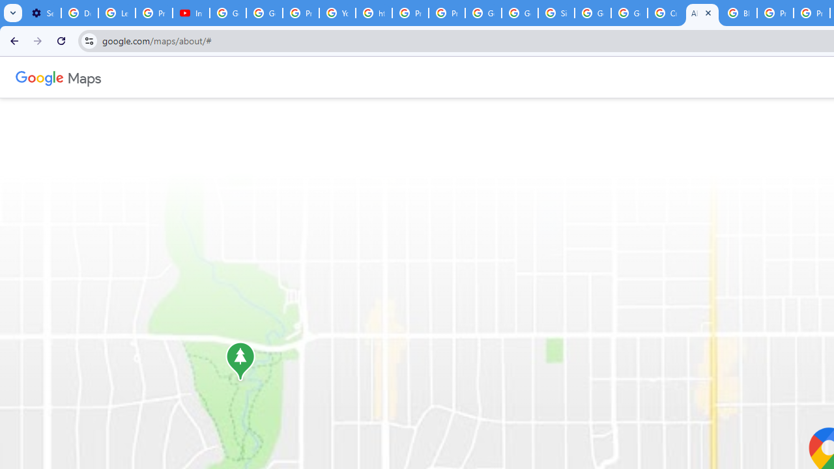 The width and height of the screenshot is (834, 469). Describe the element at coordinates (409, 13) in the screenshot. I see `'Privacy Help Center - Policies Help'` at that location.